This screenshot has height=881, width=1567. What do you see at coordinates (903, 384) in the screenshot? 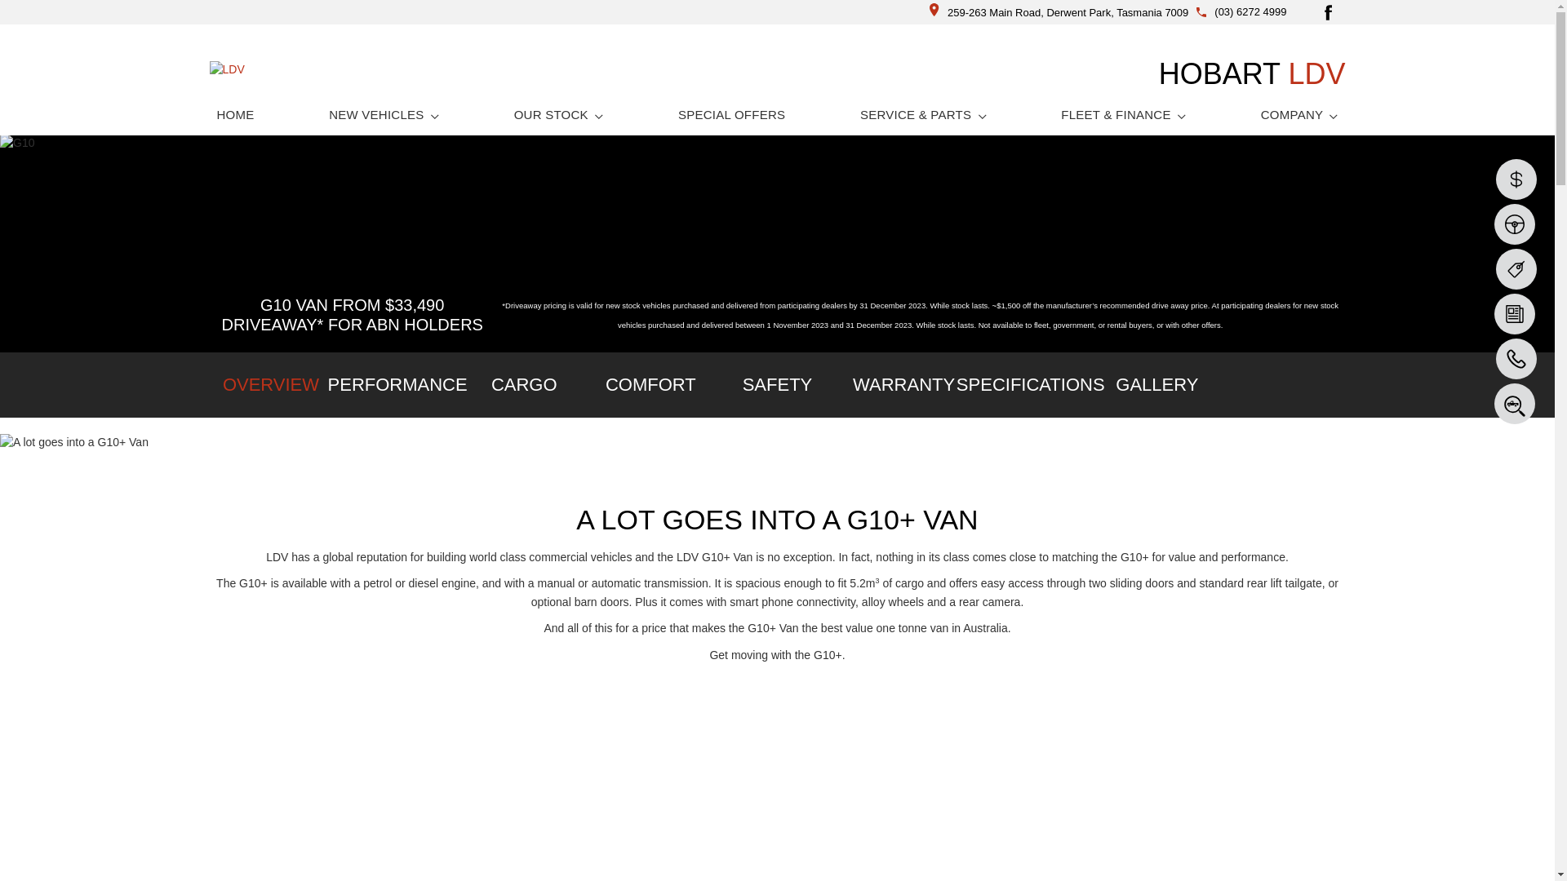
I see `'WARRANTY'` at bounding box center [903, 384].